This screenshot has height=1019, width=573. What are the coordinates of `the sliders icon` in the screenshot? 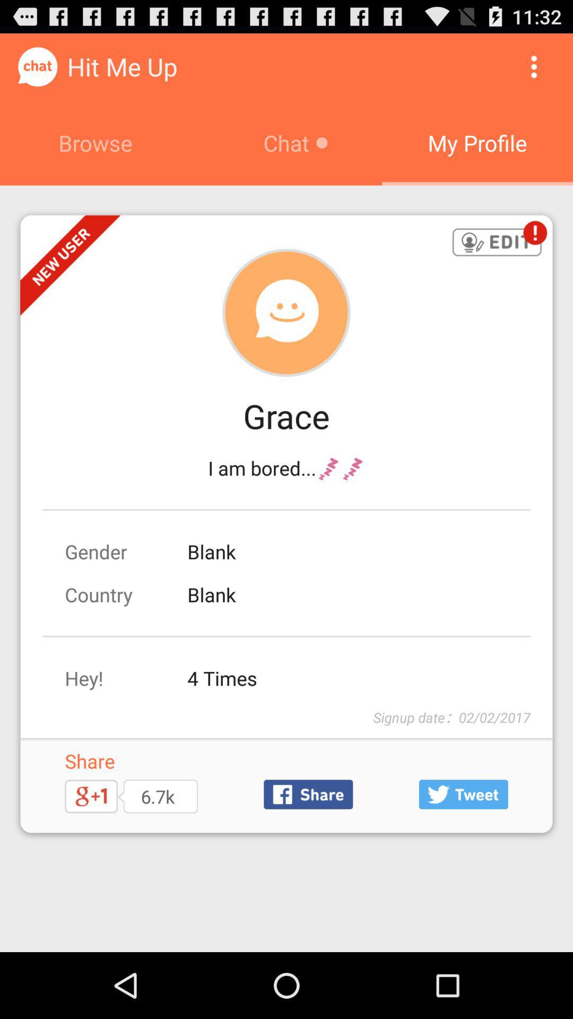 It's located at (463, 850).